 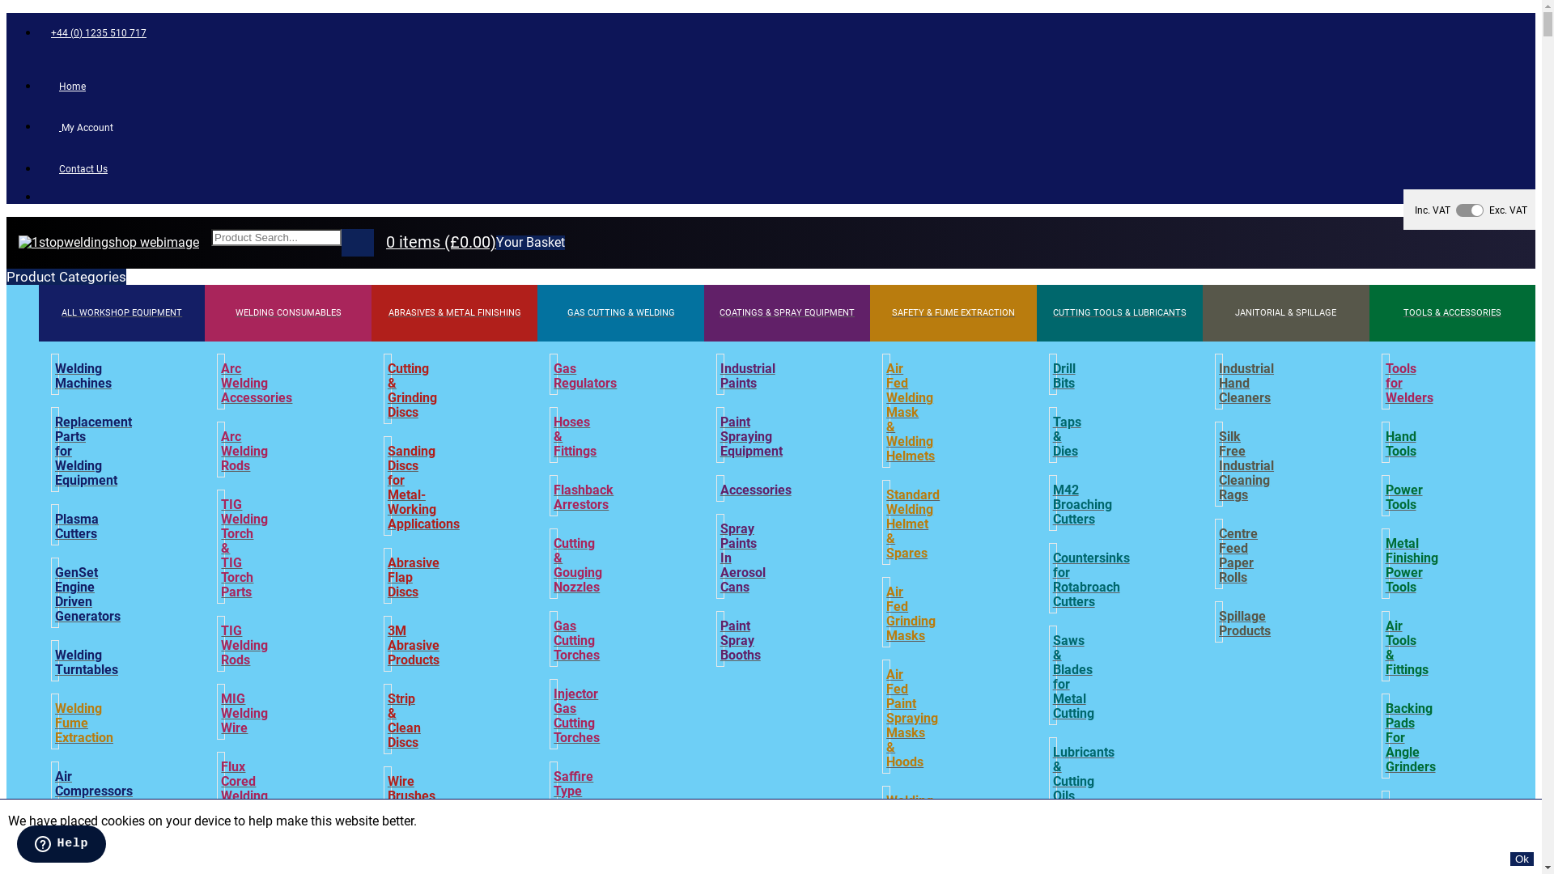 What do you see at coordinates (54, 723) in the screenshot?
I see `'Welding Fume Extraction'` at bounding box center [54, 723].